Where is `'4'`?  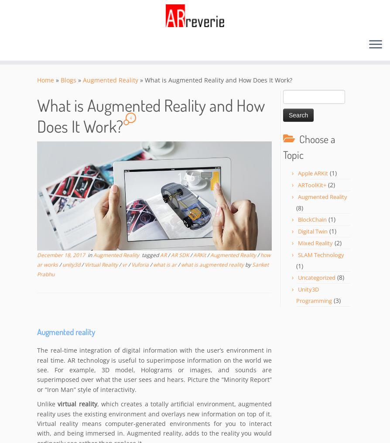
'4' is located at coordinates (130, 118).